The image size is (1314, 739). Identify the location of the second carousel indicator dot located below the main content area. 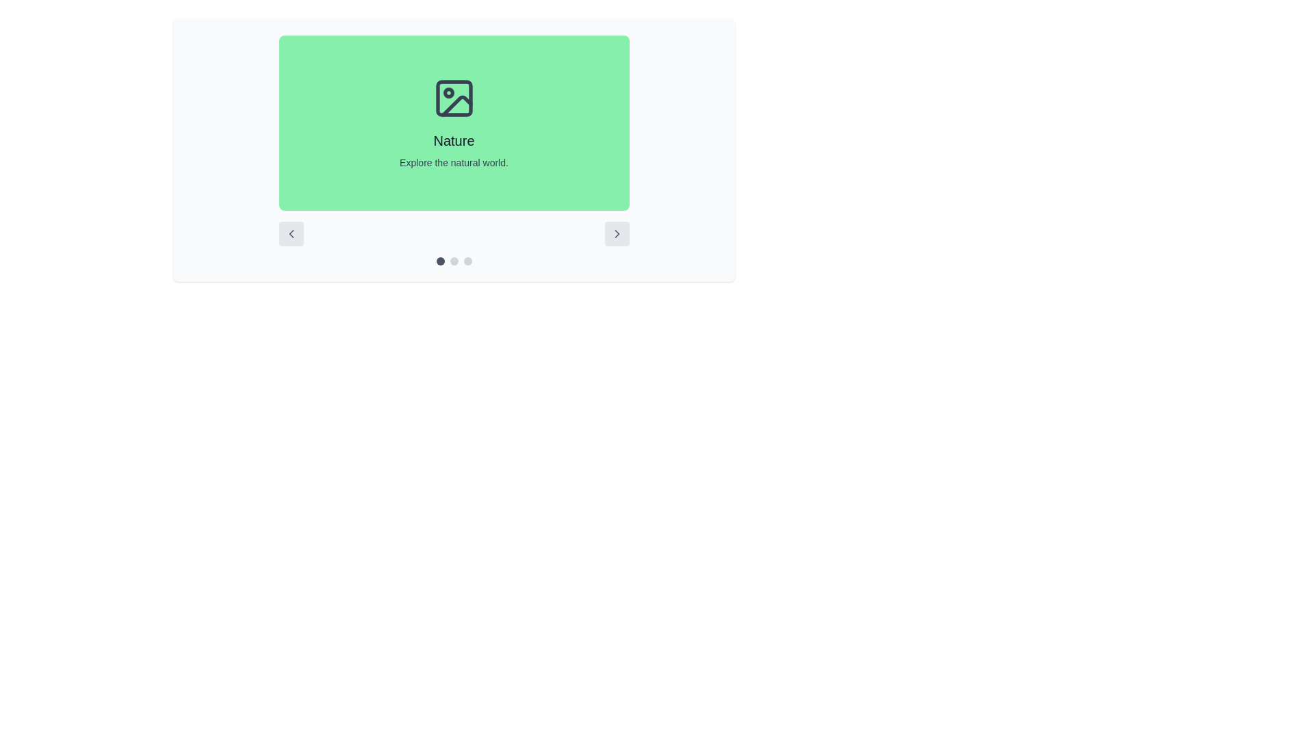
(454, 261).